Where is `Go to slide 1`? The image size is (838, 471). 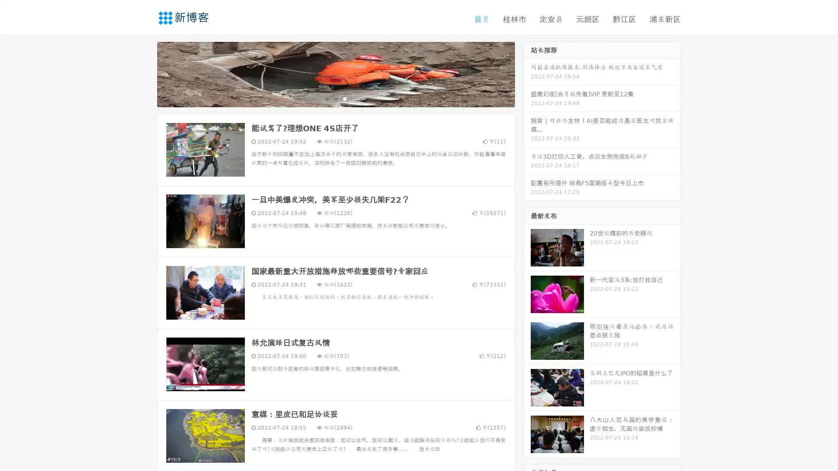 Go to slide 1 is located at coordinates (326, 98).